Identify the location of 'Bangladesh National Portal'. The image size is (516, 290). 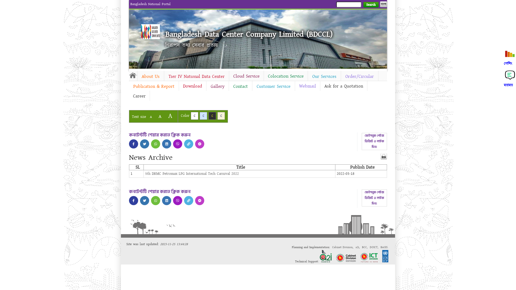
(150, 4).